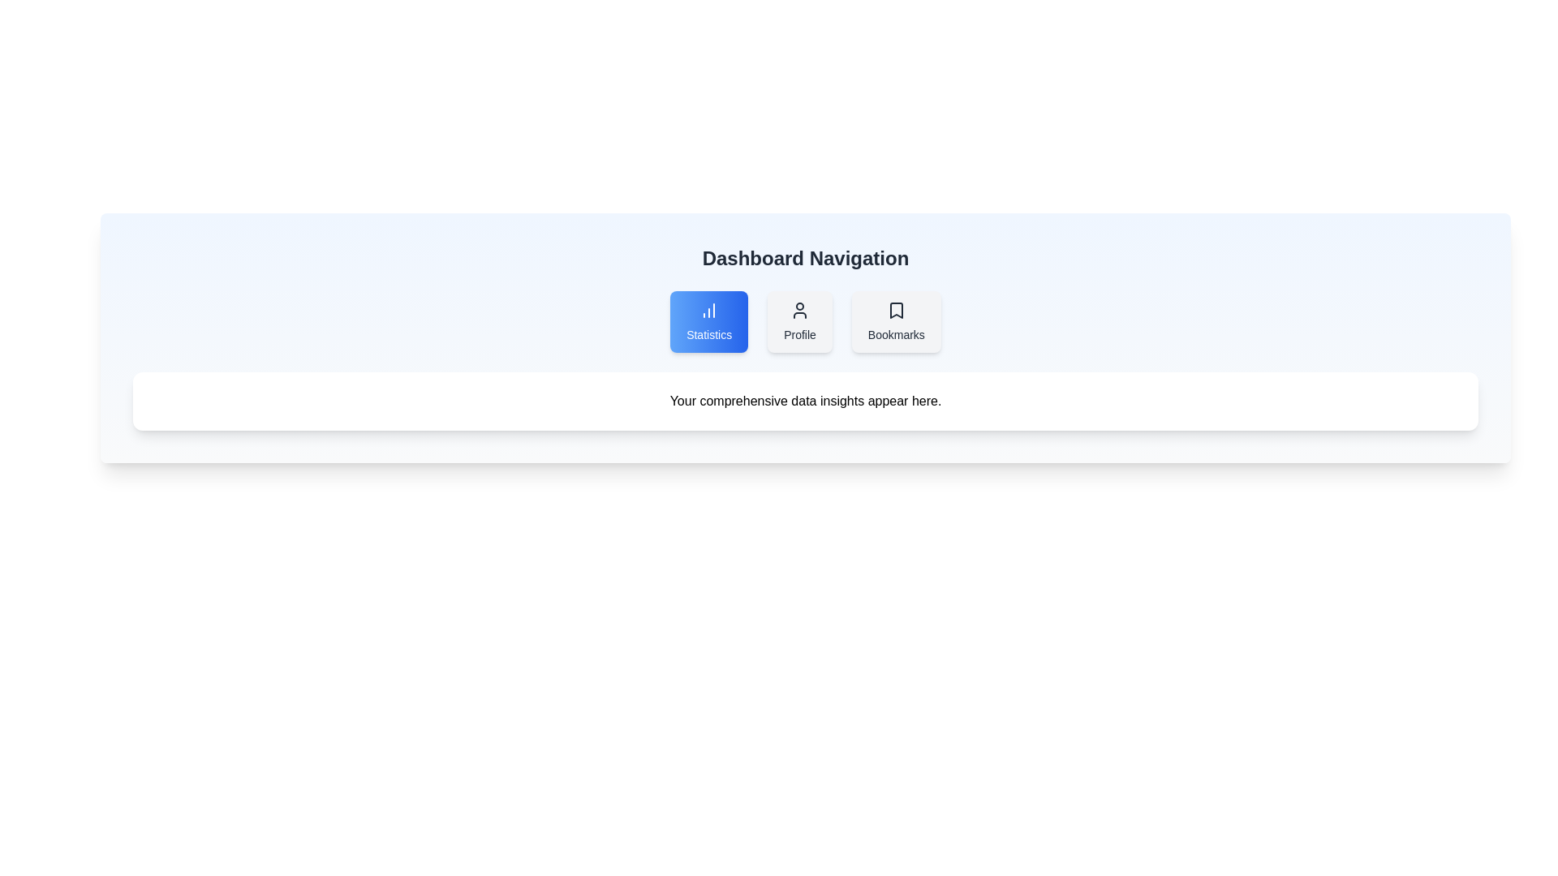 This screenshot has height=876, width=1558. Describe the element at coordinates (799, 322) in the screenshot. I see `the 'Profile' button, which is the second button in the horizontal navigation menu` at that location.